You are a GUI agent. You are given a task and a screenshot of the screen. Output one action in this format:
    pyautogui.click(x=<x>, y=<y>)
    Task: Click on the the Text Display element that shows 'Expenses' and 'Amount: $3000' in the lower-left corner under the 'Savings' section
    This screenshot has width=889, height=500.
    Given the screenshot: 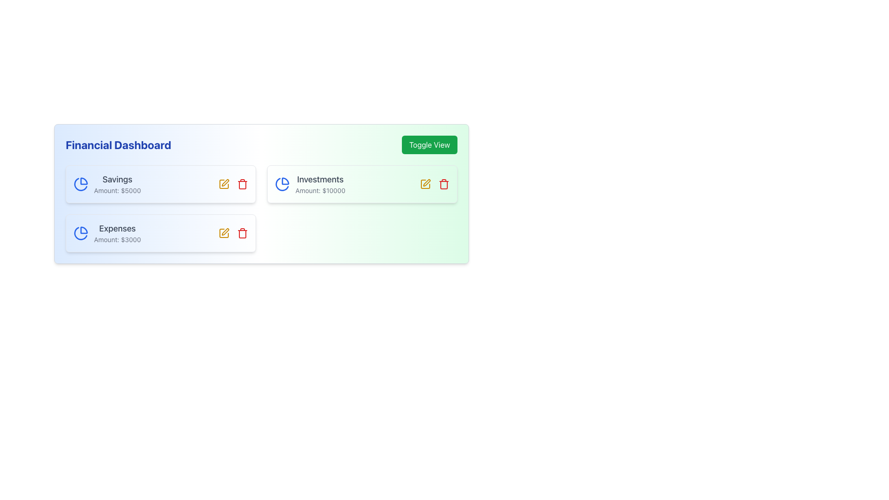 What is the action you would take?
    pyautogui.click(x=117, y=233)
    